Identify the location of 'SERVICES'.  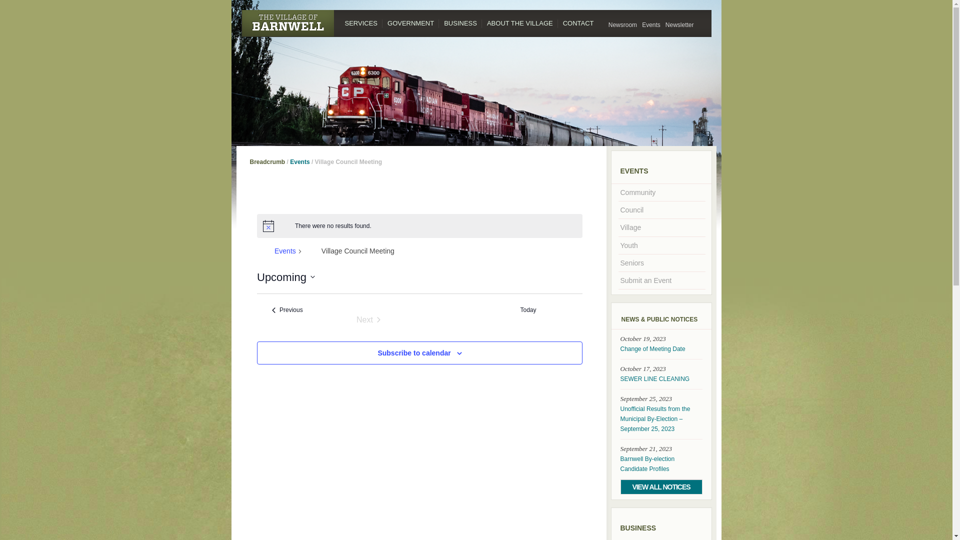
(361, 22).